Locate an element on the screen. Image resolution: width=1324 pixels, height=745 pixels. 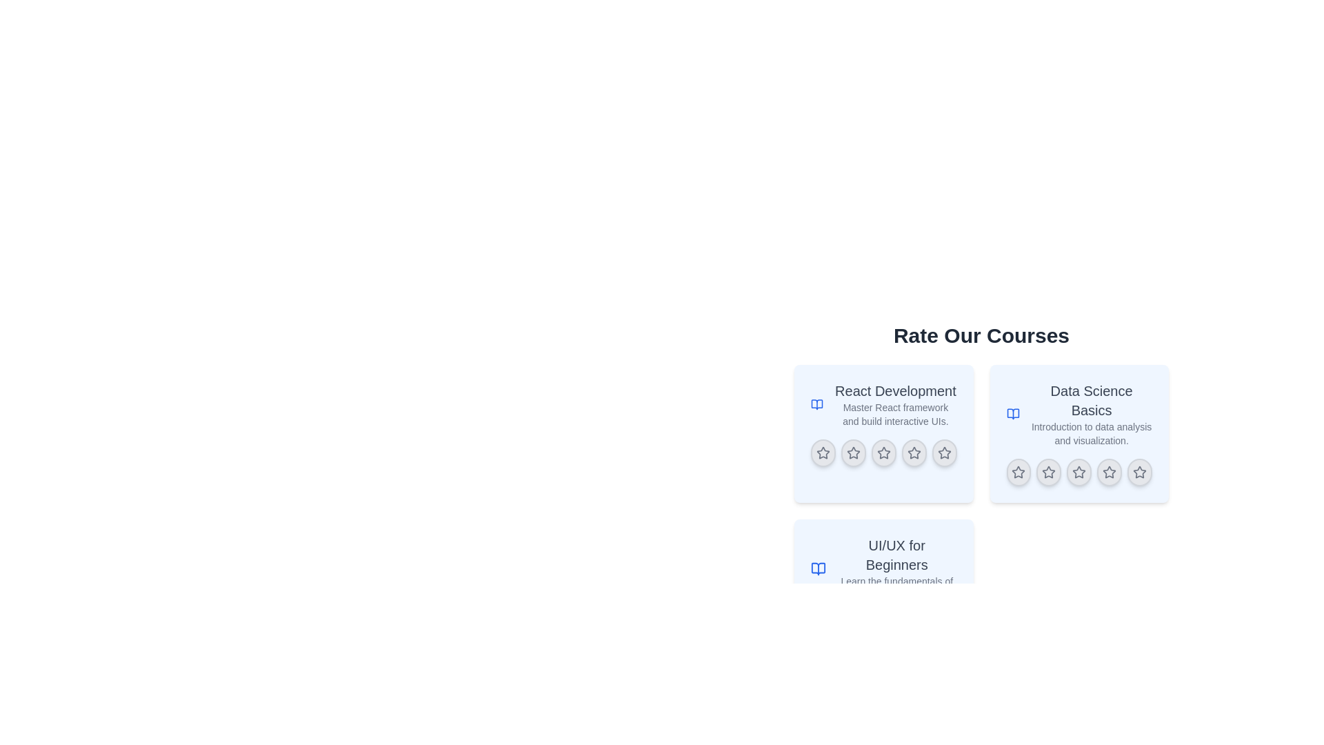
the icon representing the 'React Development' course, which is visually identified within a grid layout under the relevant section's icon is located at coordinates (817, 404).